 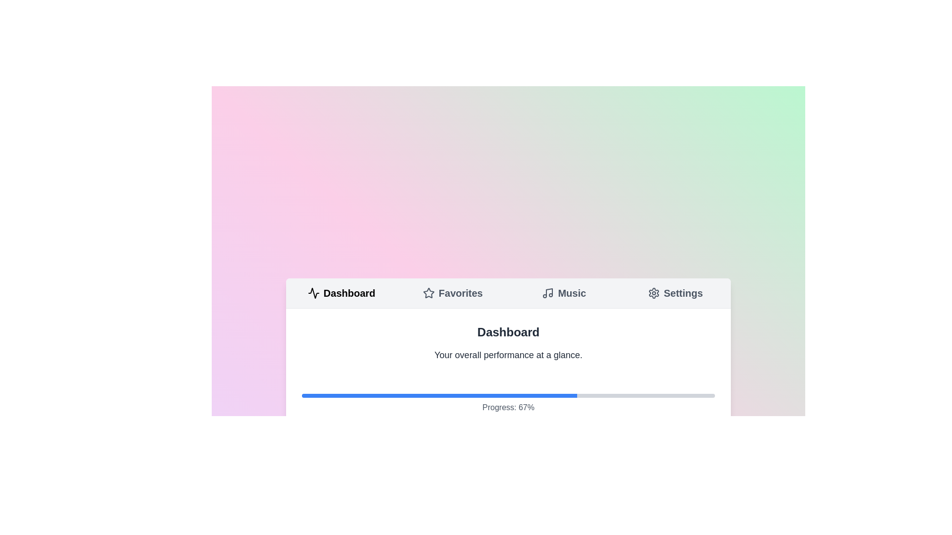 I want to click on the tab labeled Settings, so click(x=675, y=292).